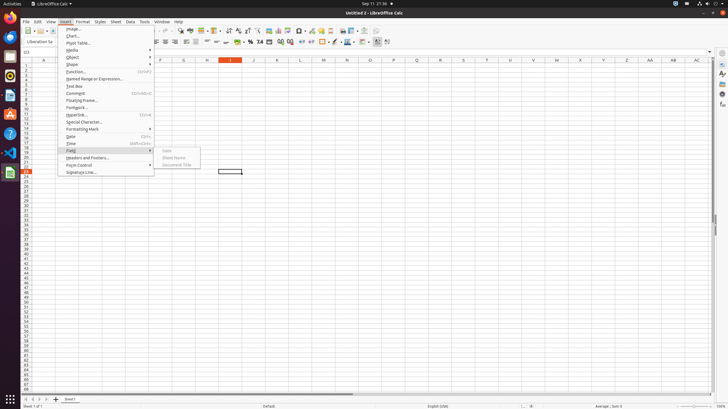  I want to click on 'File', so click(26, 22).